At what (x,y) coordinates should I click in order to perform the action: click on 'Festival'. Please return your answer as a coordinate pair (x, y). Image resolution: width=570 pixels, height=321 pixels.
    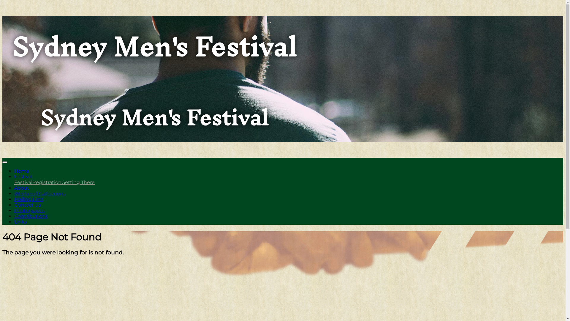
    Looking at the image, I should click on (14, 176).